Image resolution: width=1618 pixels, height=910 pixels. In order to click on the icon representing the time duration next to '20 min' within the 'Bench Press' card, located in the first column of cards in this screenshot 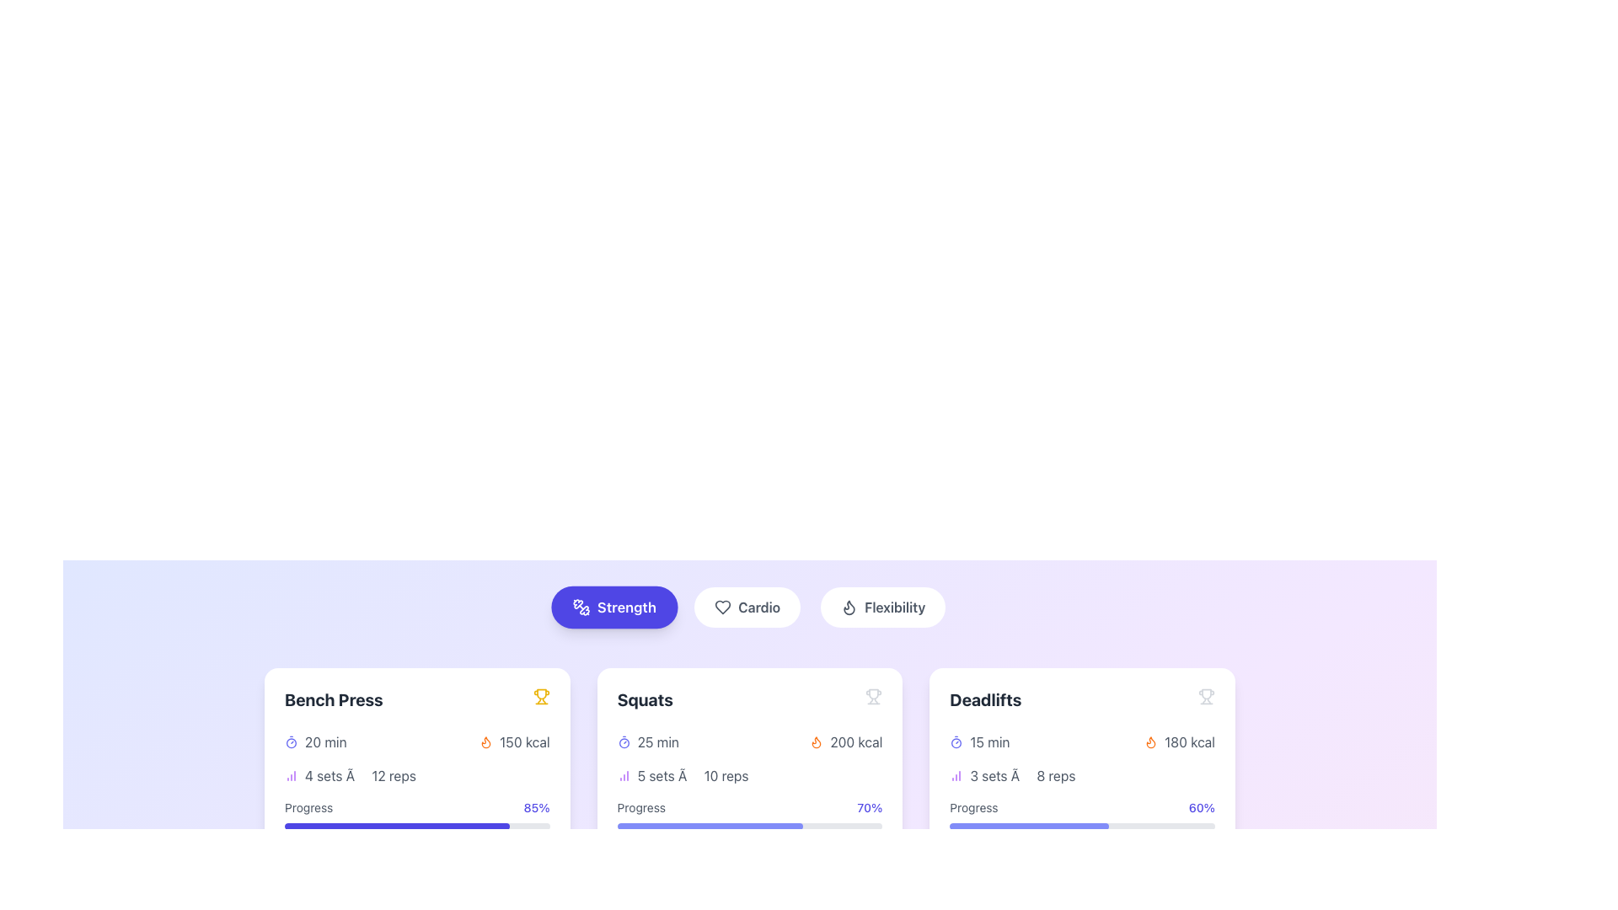, I will do `click(291, 741)`.